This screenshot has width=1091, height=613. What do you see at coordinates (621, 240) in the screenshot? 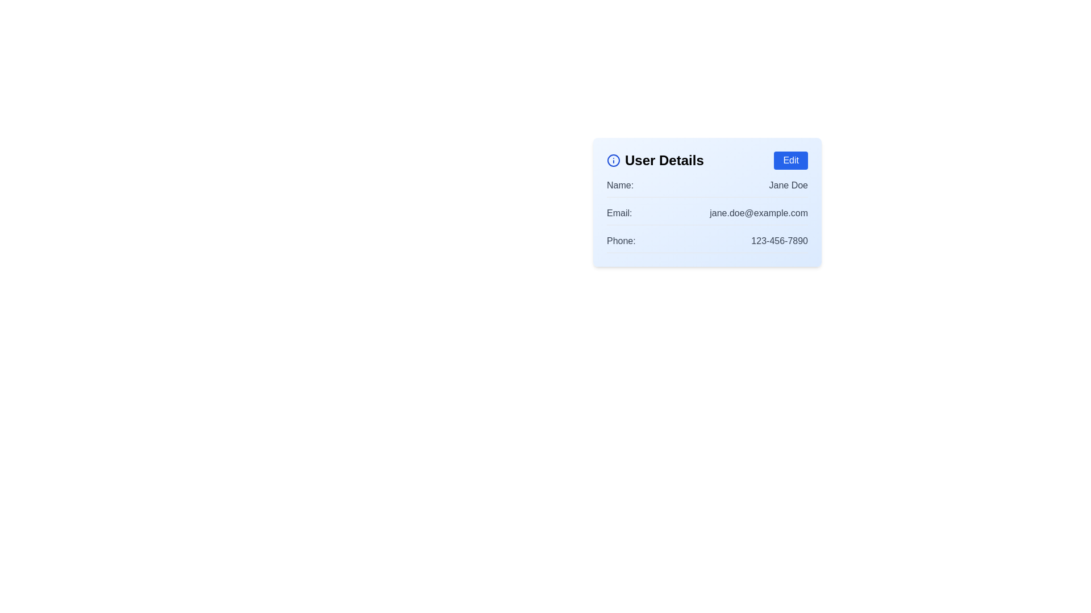
I see `text label that describes the phone number, located in the 'User Details' panel, positioned to the left of the phone number` at bounding box center [621, 240].